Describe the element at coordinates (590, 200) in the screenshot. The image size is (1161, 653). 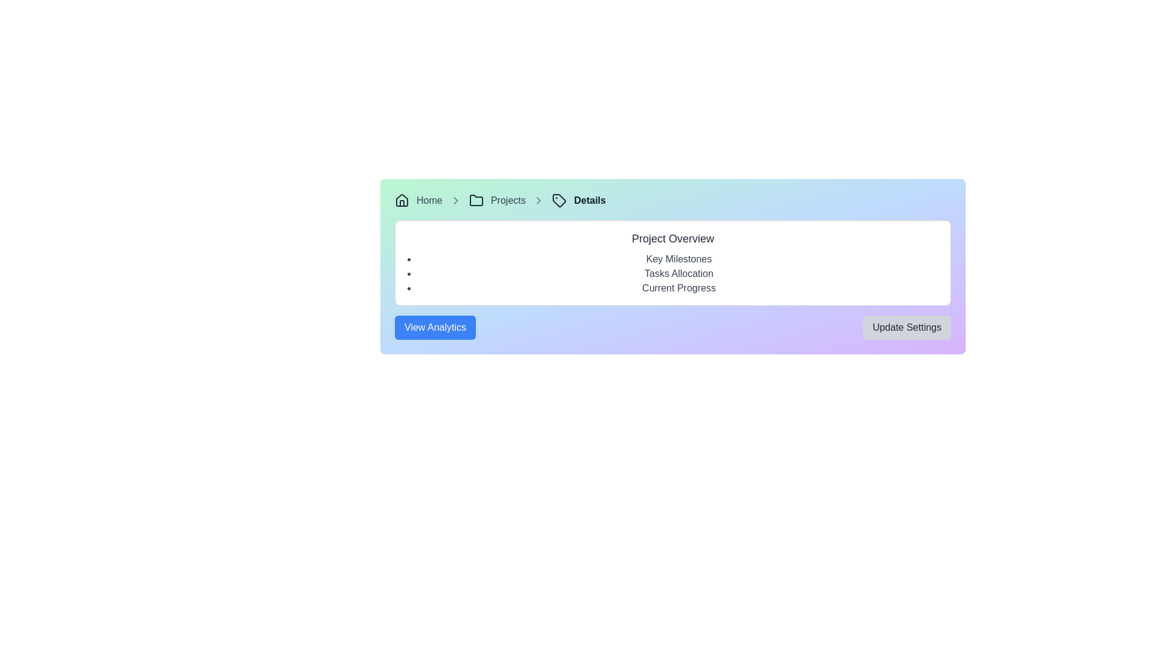
I see `the 'Details' static text label in the breadcrumb navigation, which is displayed in bold, dark gray font and is the third label after 'Home' and 'Projects'` at that location.